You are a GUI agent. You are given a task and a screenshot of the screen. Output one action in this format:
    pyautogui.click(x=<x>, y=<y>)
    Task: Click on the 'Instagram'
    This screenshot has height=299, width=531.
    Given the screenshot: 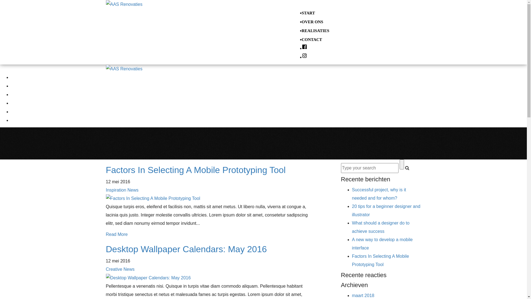 What is the action you would take?
    pyautogui.click(x=14, y=120)
    